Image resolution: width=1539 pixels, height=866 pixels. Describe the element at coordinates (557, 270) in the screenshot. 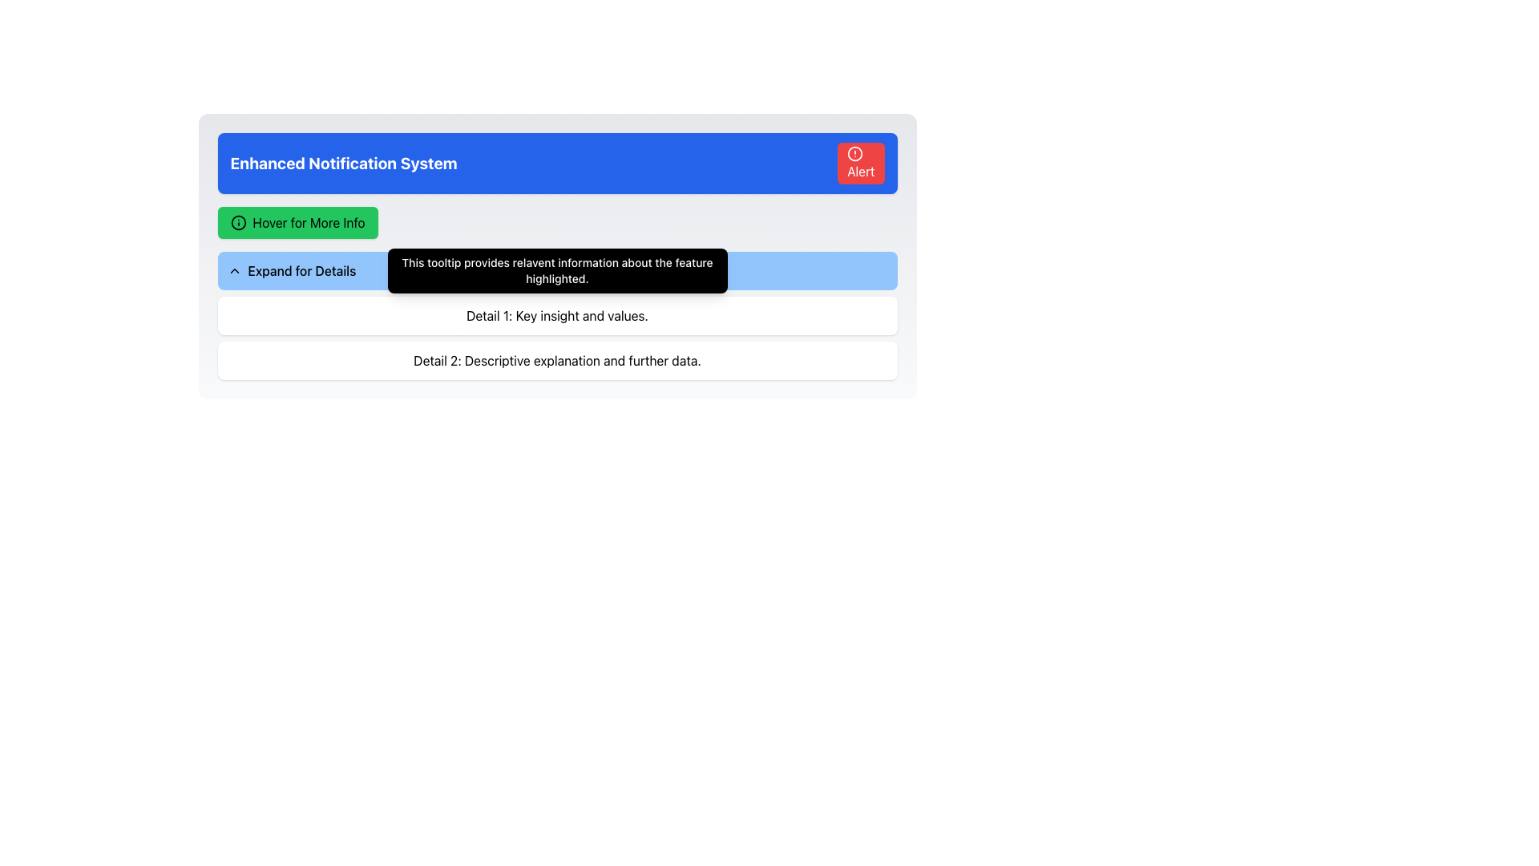

I see `the tooltip with a black background and white text that provides information about the feature highlighted, which is positioned above the 'Expand for Details' section` at that location.